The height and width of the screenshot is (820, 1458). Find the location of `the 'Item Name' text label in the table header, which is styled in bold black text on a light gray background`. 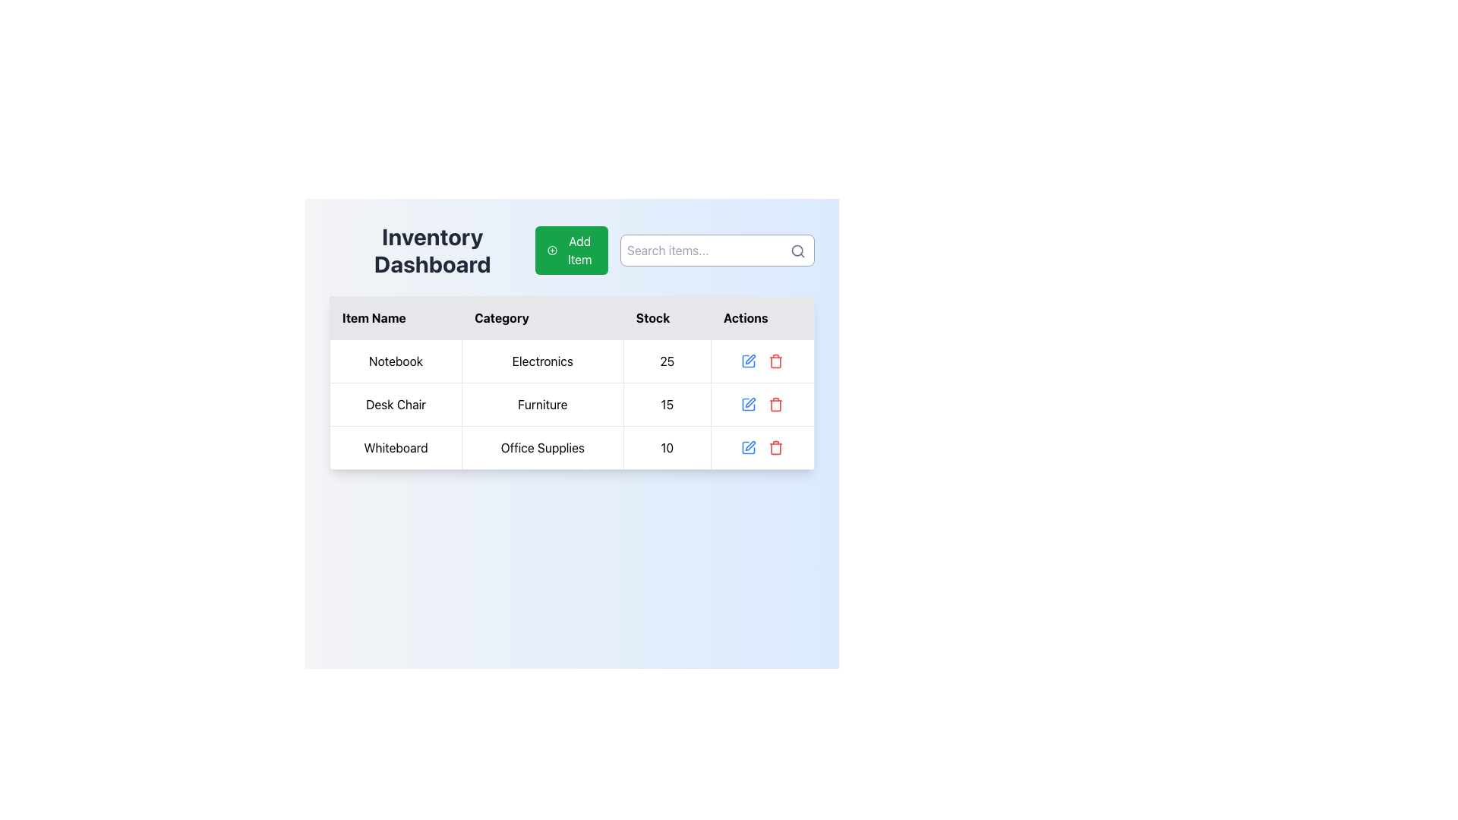

the 'Item Name' text label in the table header, which is styled in bold black text on a light gray background is located at coordinates (396, 317).